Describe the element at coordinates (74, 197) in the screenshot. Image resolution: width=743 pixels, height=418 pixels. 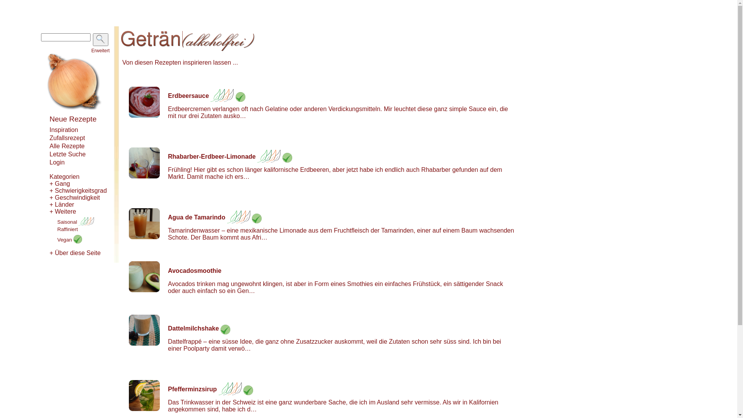
I see `'+ Geschwindigkeit'` at that location.